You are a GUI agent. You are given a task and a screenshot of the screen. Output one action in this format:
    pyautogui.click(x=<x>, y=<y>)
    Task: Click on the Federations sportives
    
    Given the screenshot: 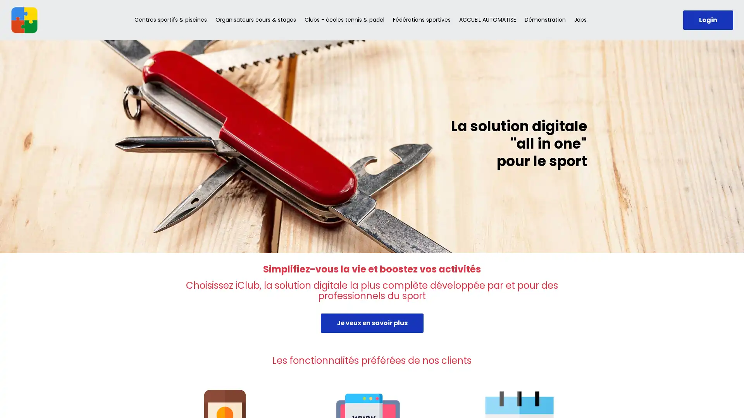 What is the action you would take?
    pyautogui.click(x=421, y=19)
    